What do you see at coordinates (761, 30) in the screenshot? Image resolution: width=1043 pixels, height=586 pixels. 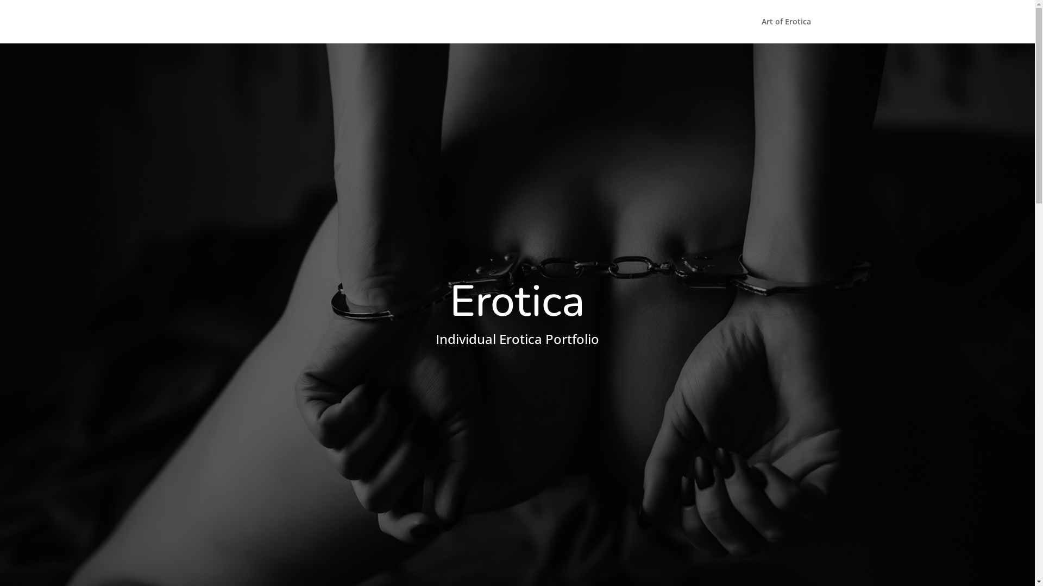 I see `'Art of Erotica'` at bounding box center [761, 30].